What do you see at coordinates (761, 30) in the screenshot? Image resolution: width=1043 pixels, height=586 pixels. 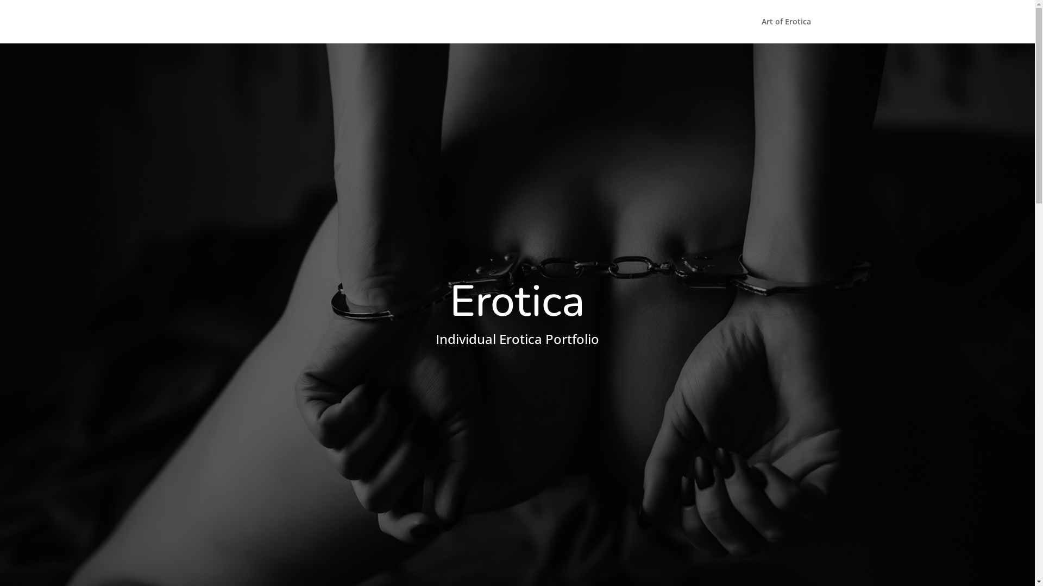 I see `'Art of Erotica'` at bounding box center [761, 30].